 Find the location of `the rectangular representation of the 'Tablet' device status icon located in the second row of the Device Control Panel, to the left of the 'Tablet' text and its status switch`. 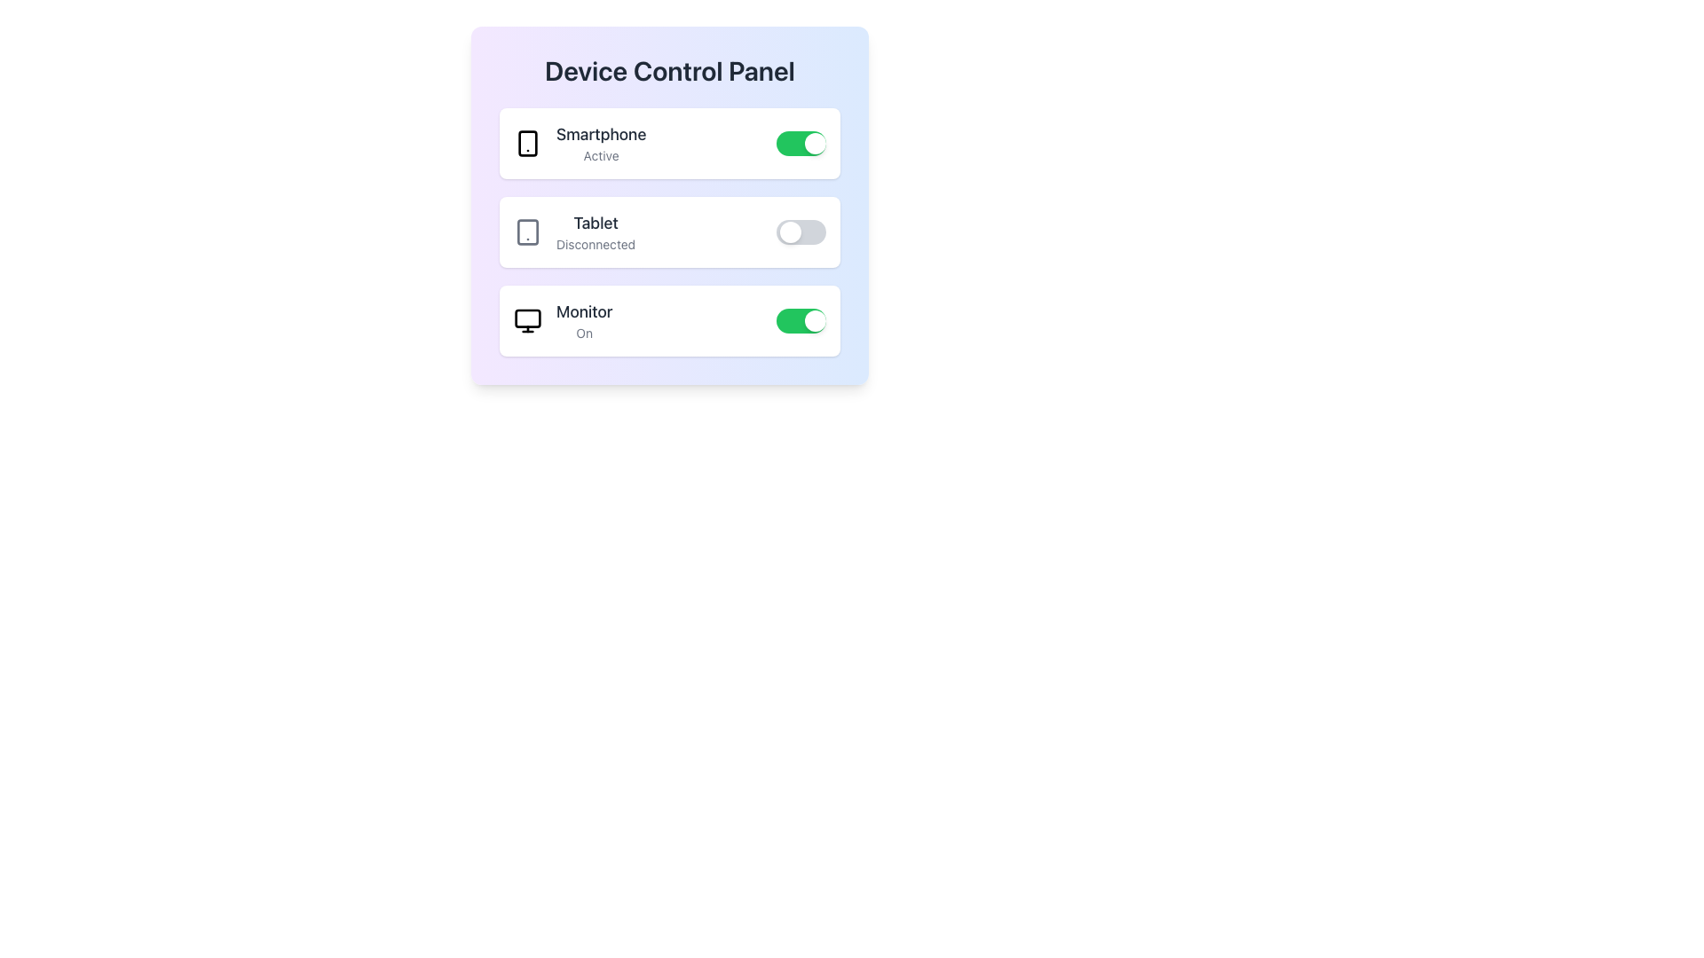

the rectangular representation of the 'Tablet' device status icon located in the second row of the Device Control Panel, to the left of the 'Tablet' text and its status switch is located at coordinates (527, 232).